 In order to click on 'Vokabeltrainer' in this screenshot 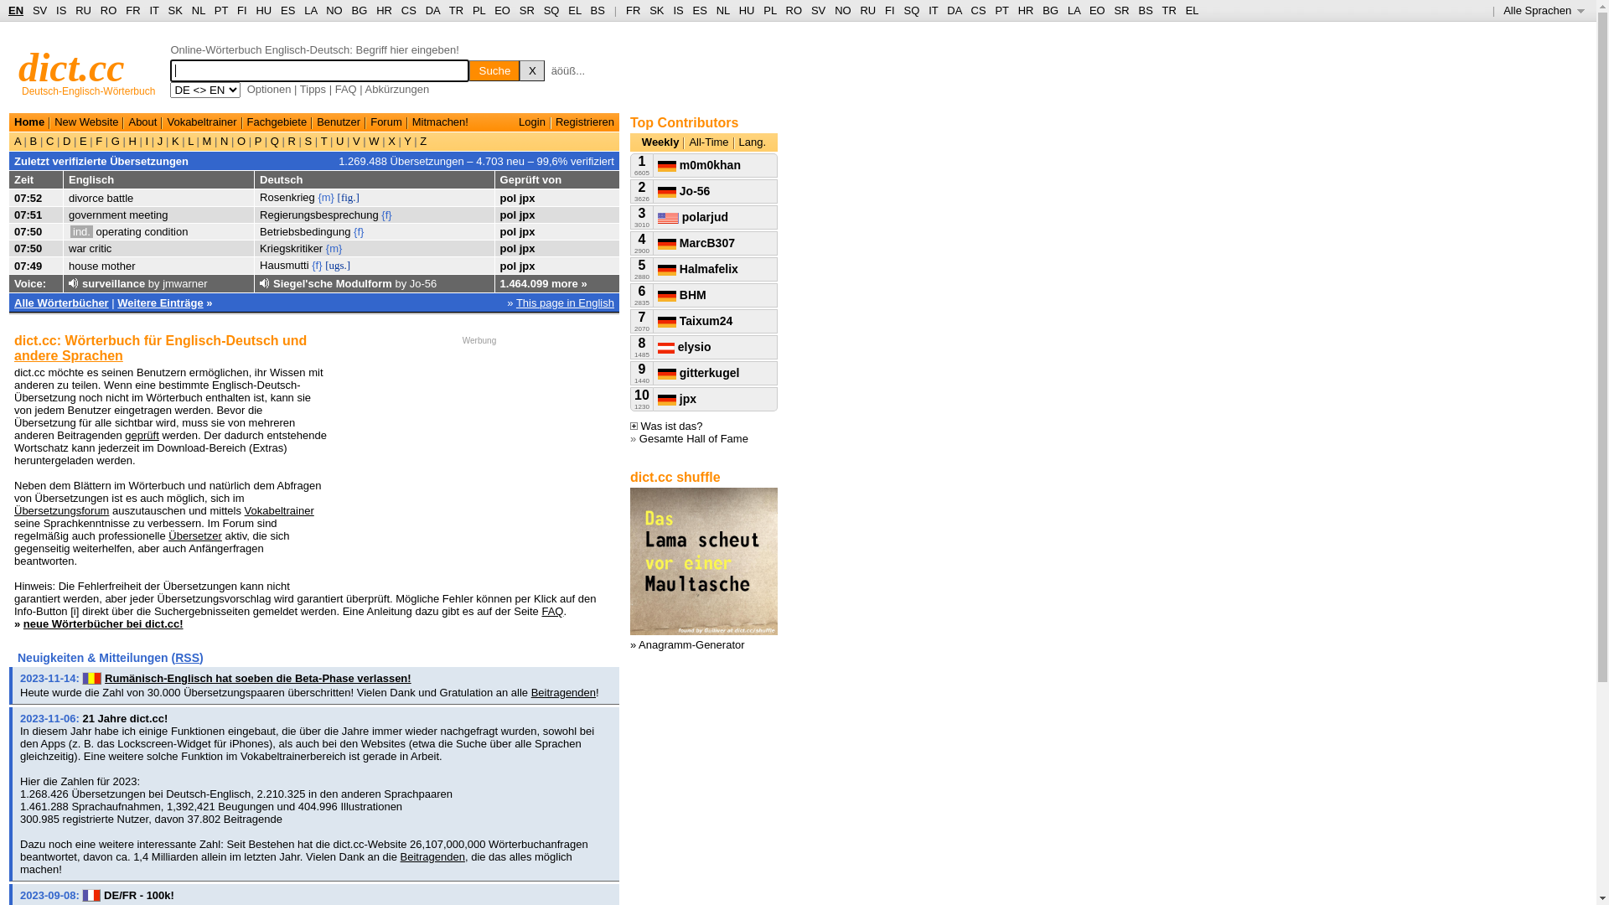, I will do `click(201, 121)`.